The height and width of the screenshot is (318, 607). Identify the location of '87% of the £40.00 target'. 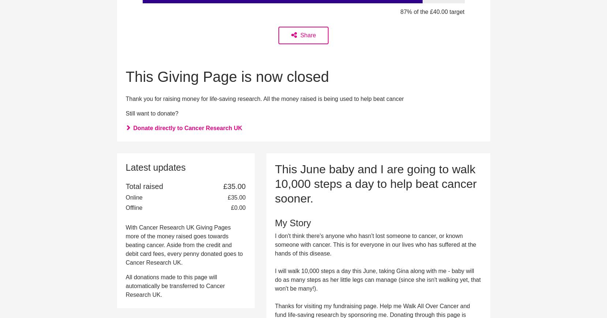
(432, 11).